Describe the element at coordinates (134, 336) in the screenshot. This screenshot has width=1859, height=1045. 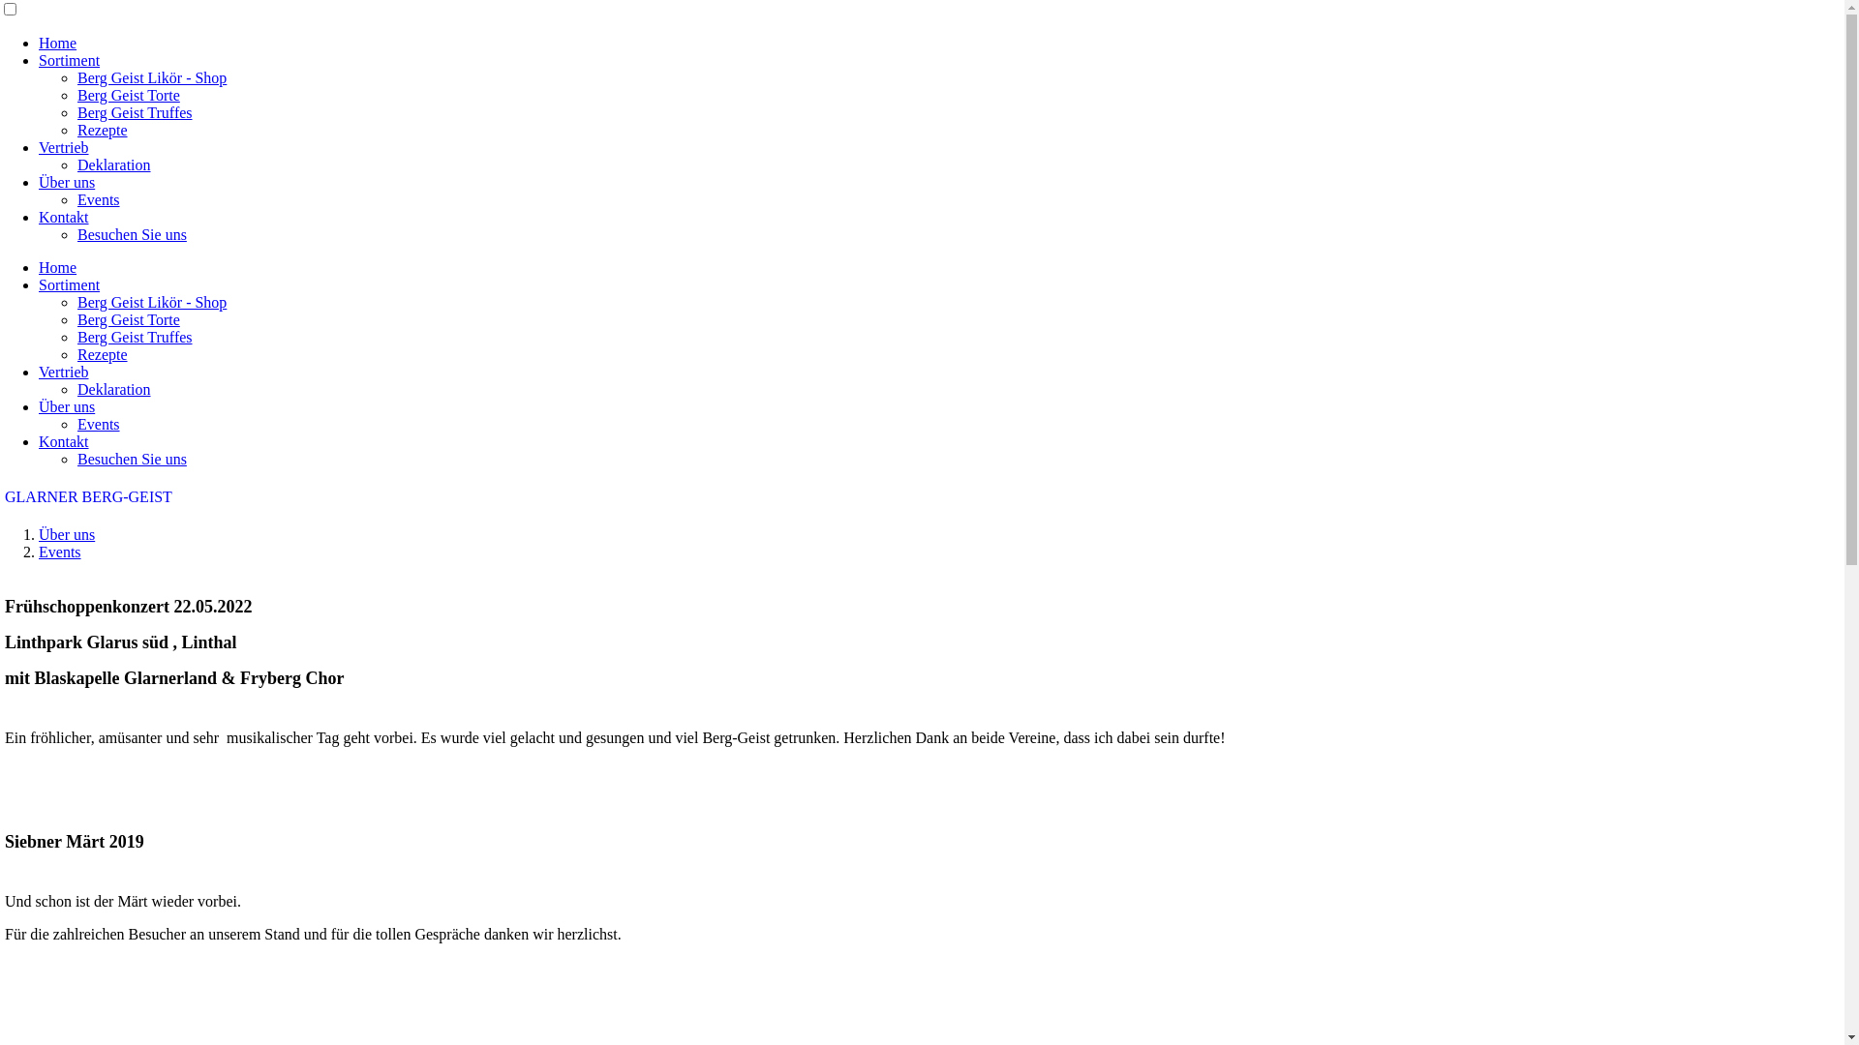
I see `'Berg Geist Truffes'` at that location.